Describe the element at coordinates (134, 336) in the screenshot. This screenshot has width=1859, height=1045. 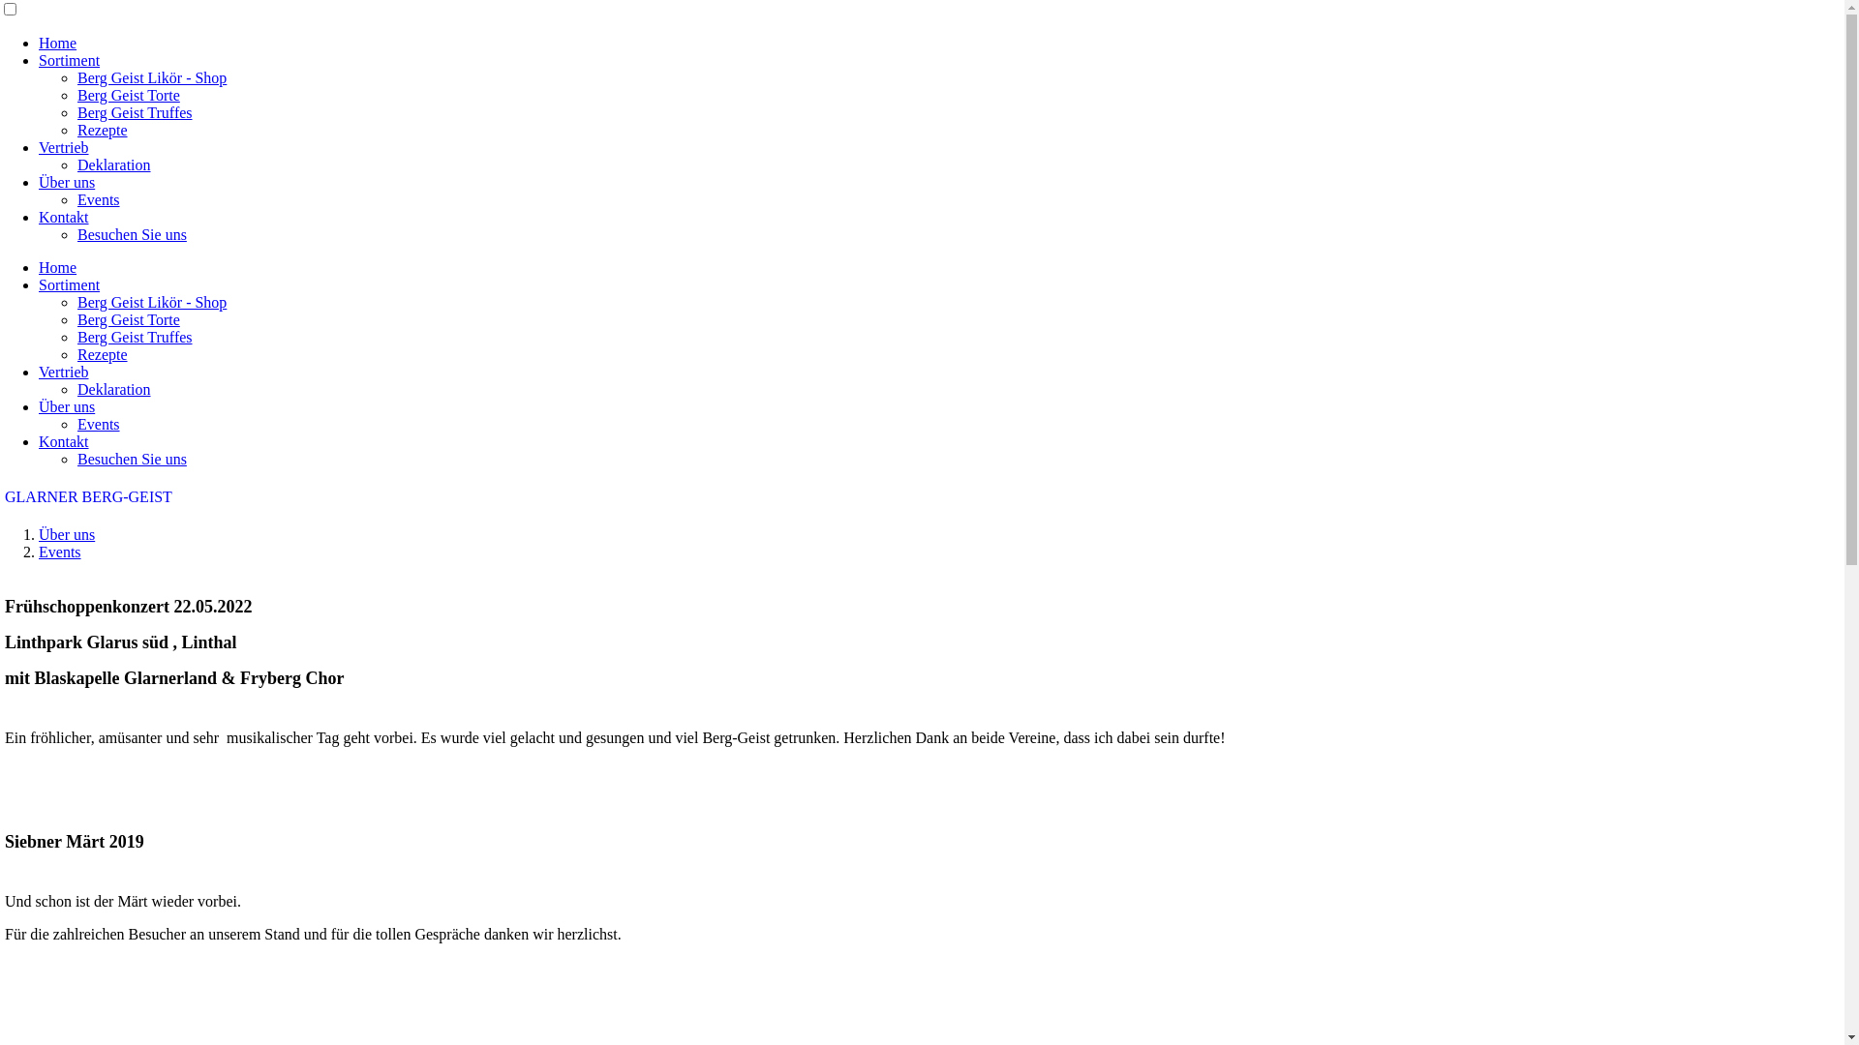
I see `'Berg Geist Truffes'` at that location.